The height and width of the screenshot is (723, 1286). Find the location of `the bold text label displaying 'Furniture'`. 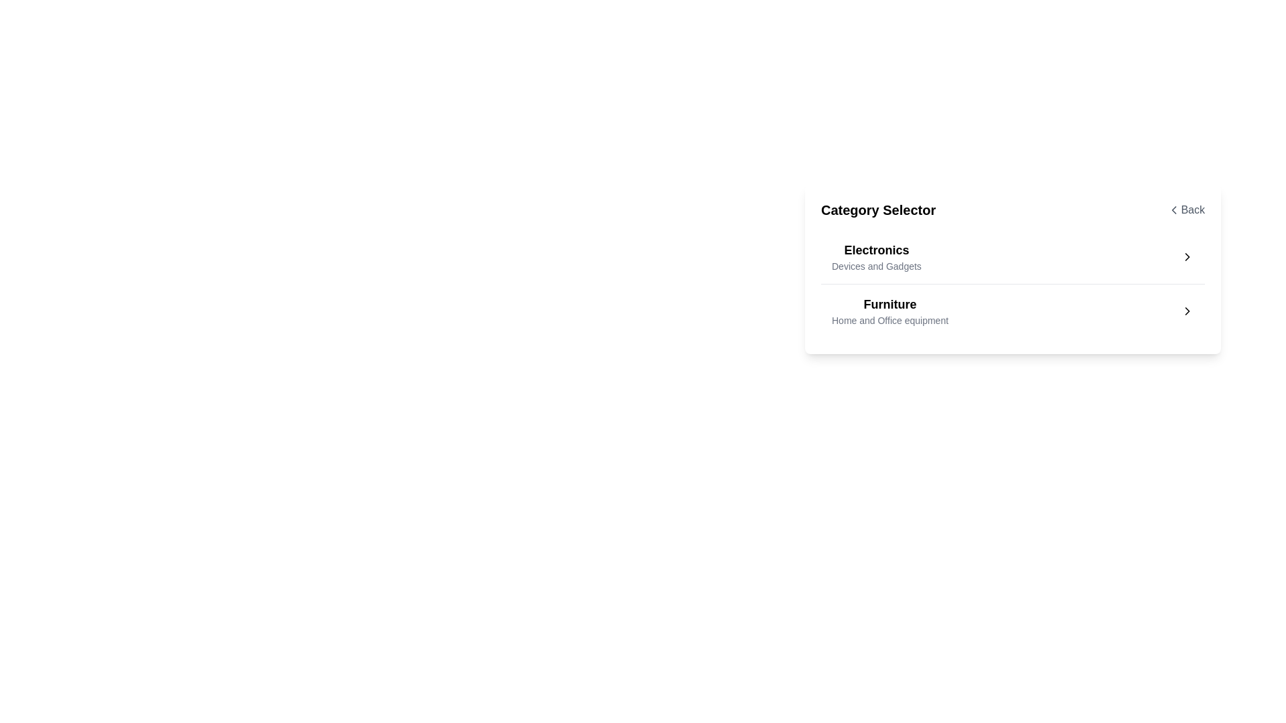

the bold text label displaying 'Furniture' is located at coordinates (890, 305).